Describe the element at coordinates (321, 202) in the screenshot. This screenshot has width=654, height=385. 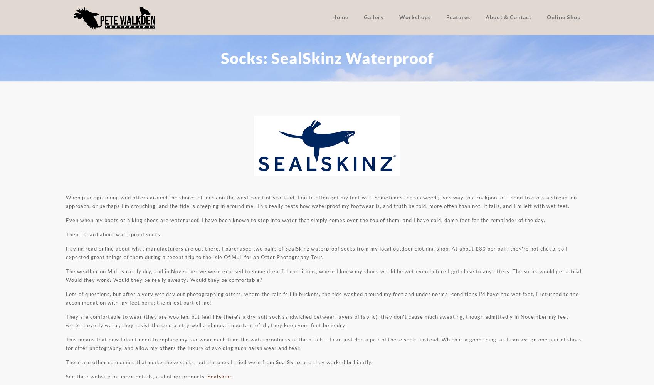
I see `'When photographing wild otters around the shores of lochs on the west coast of Scotland, I quite often get my feet wet. Sometimes the seaweed gives way to a rockpool or I need to cross a stream on approach, or perhaps I'm crouching, and the tide is creeping in around me. This really tests how waterproof my footwear is, and truth be told, more often than not, it fails, and I'm left with wet feet.'` at that location.